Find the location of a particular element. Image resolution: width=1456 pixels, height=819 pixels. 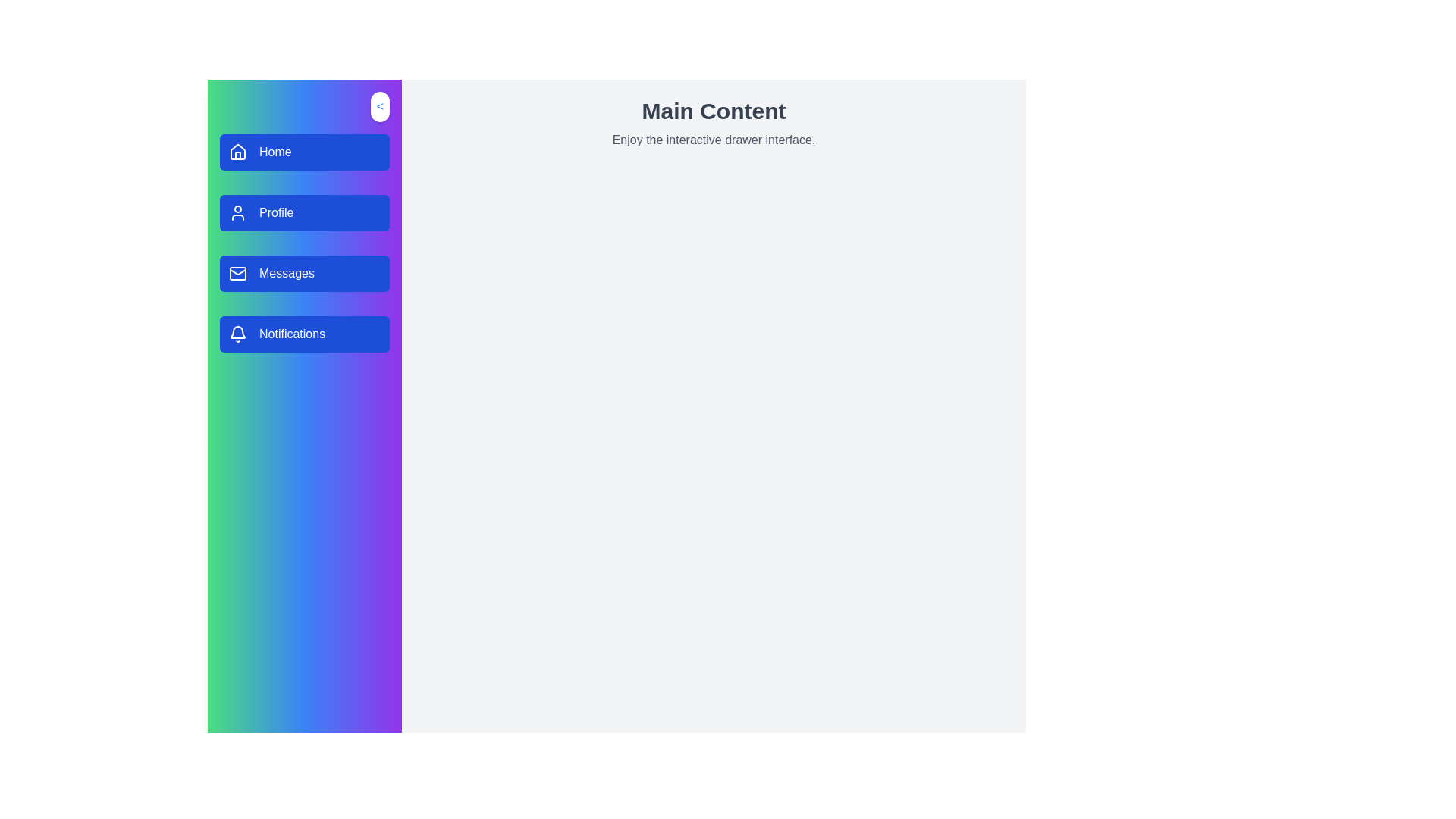

the 'Home' icon located at the top left of the blue rectangular button labeled 'Home' in the sidebar navigation list is located at coordinates (237, 152).